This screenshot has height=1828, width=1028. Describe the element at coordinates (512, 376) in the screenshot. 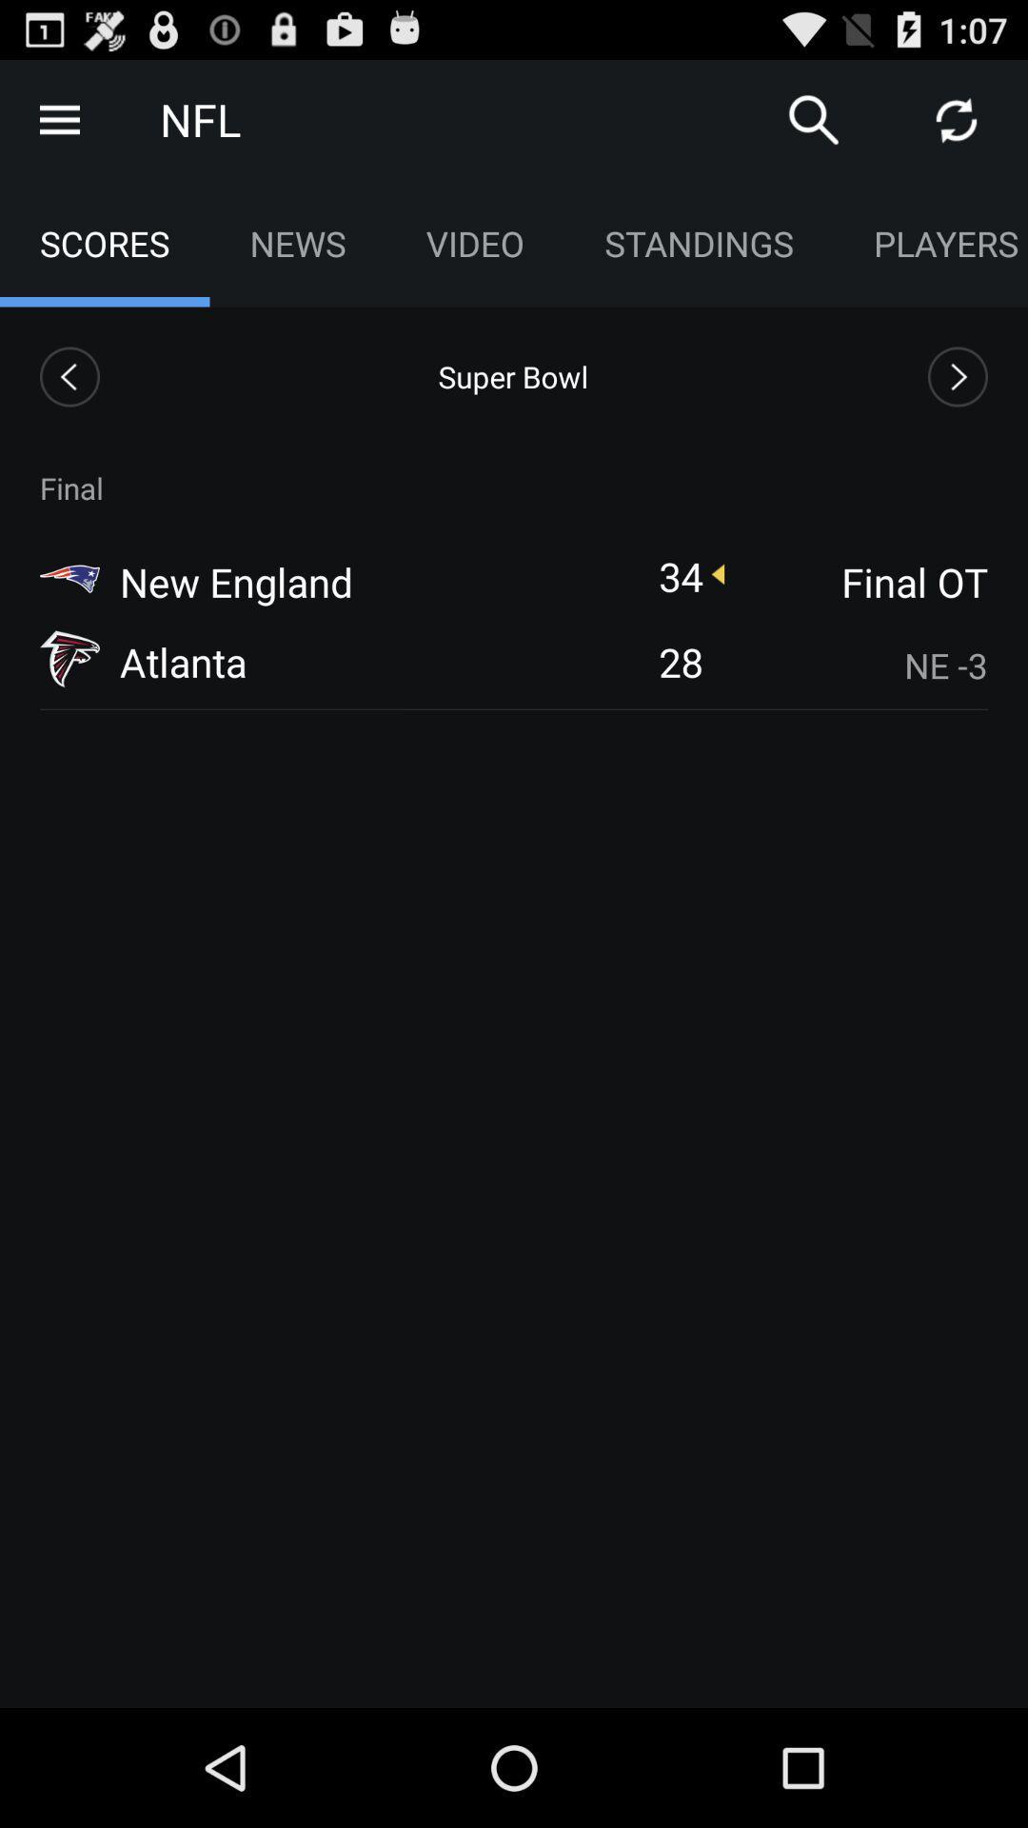

I see `icon below video app` at that location.